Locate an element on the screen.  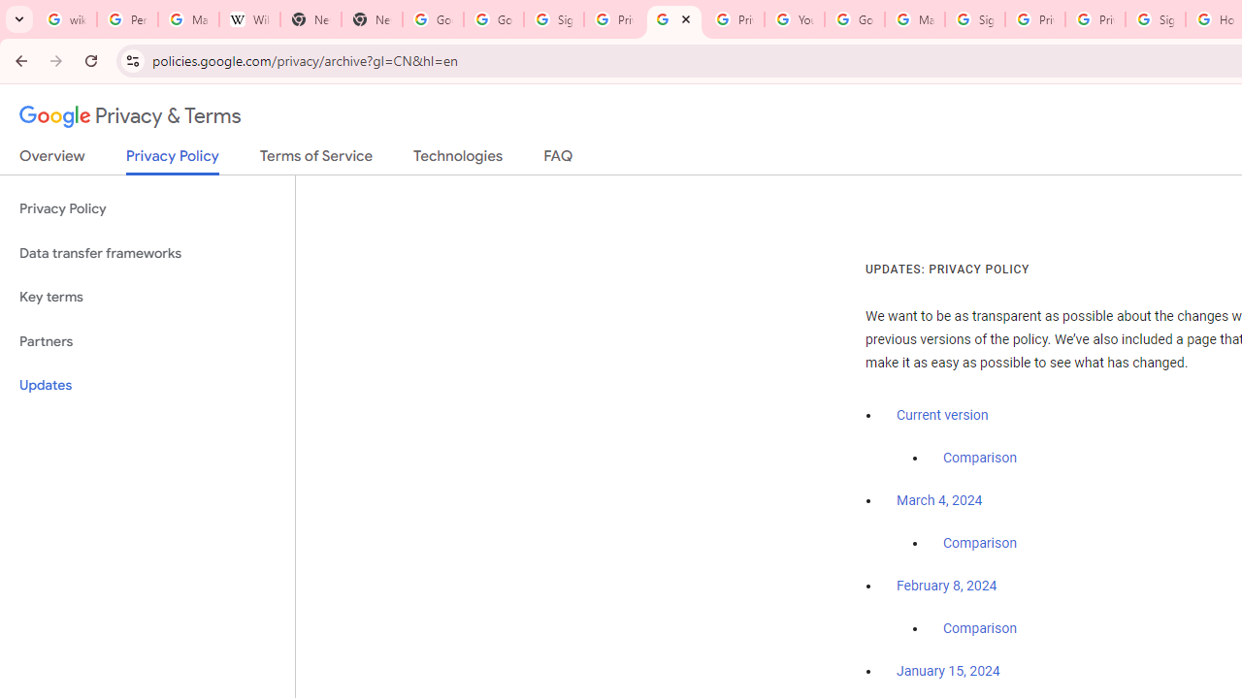
'Current version' is located at coordinates (942, 414).